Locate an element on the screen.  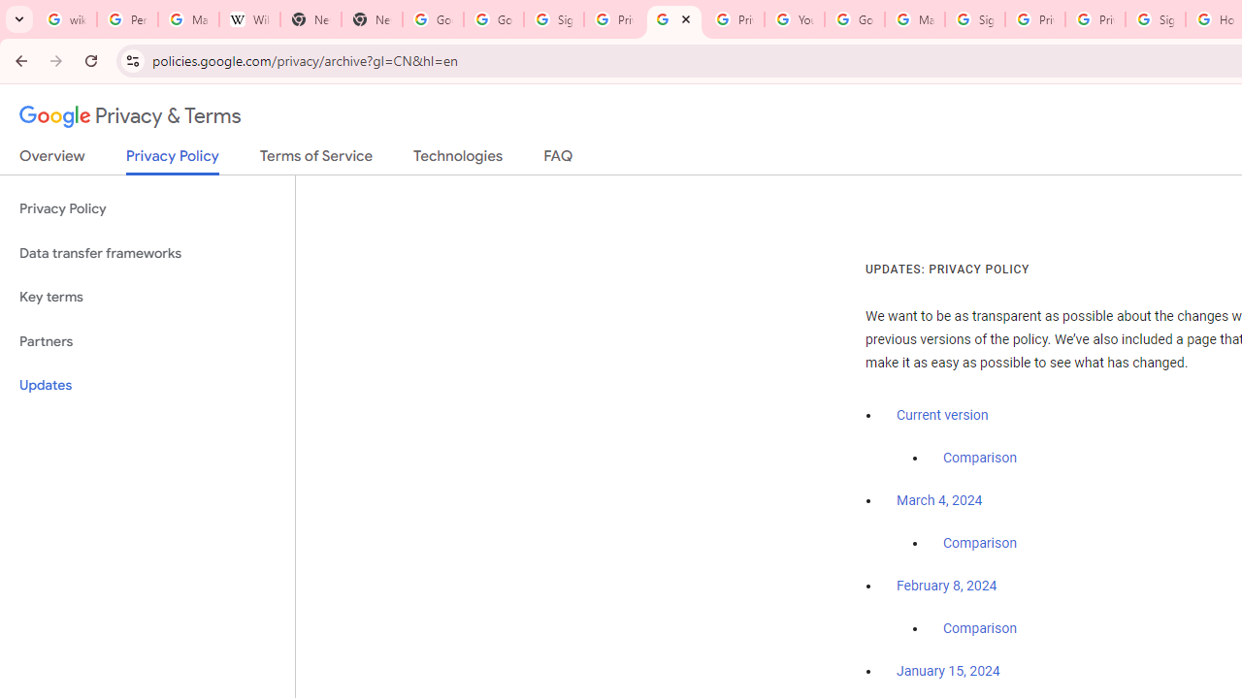
'Current version' is located at coordinates (942, 414).